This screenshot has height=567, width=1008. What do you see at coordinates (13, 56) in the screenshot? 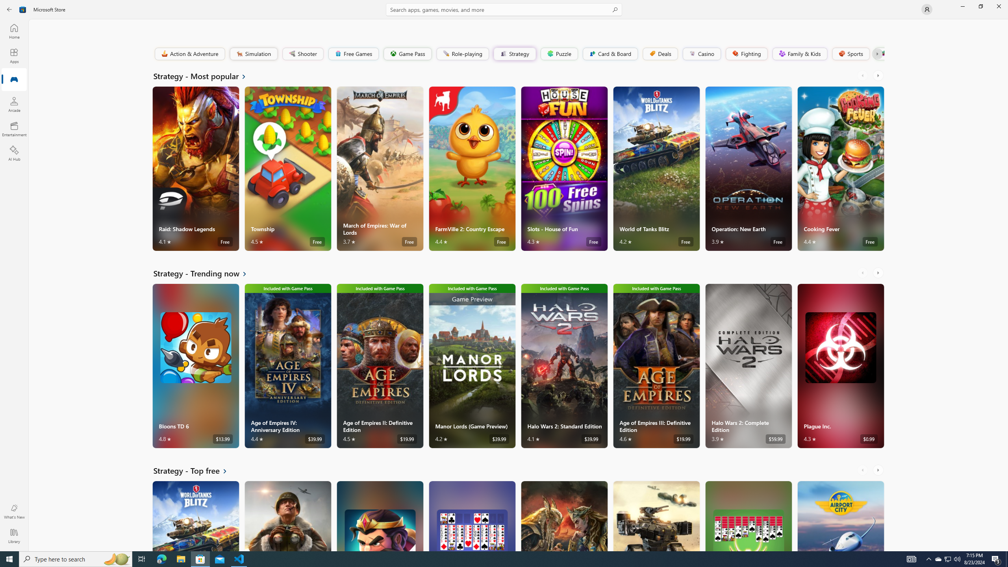
I see `'Apps'` at bounding box center [13, 56].